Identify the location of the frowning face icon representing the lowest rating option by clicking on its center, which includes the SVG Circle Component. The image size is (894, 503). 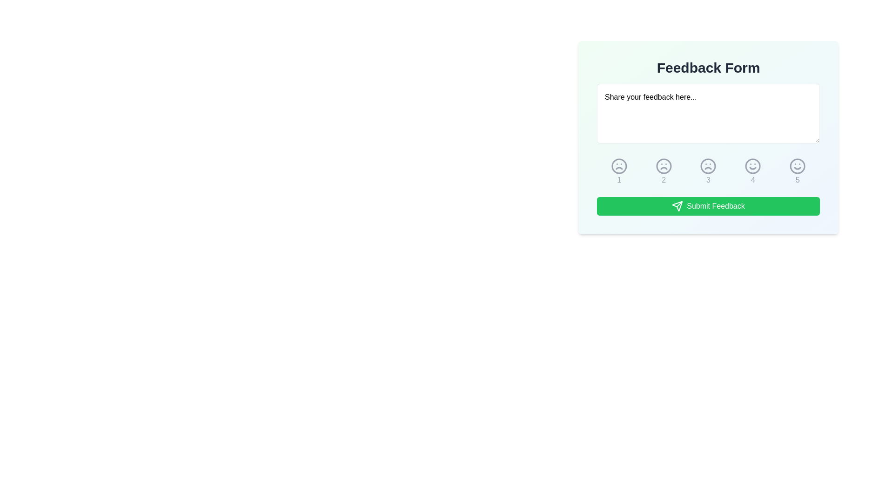
(619, 166).